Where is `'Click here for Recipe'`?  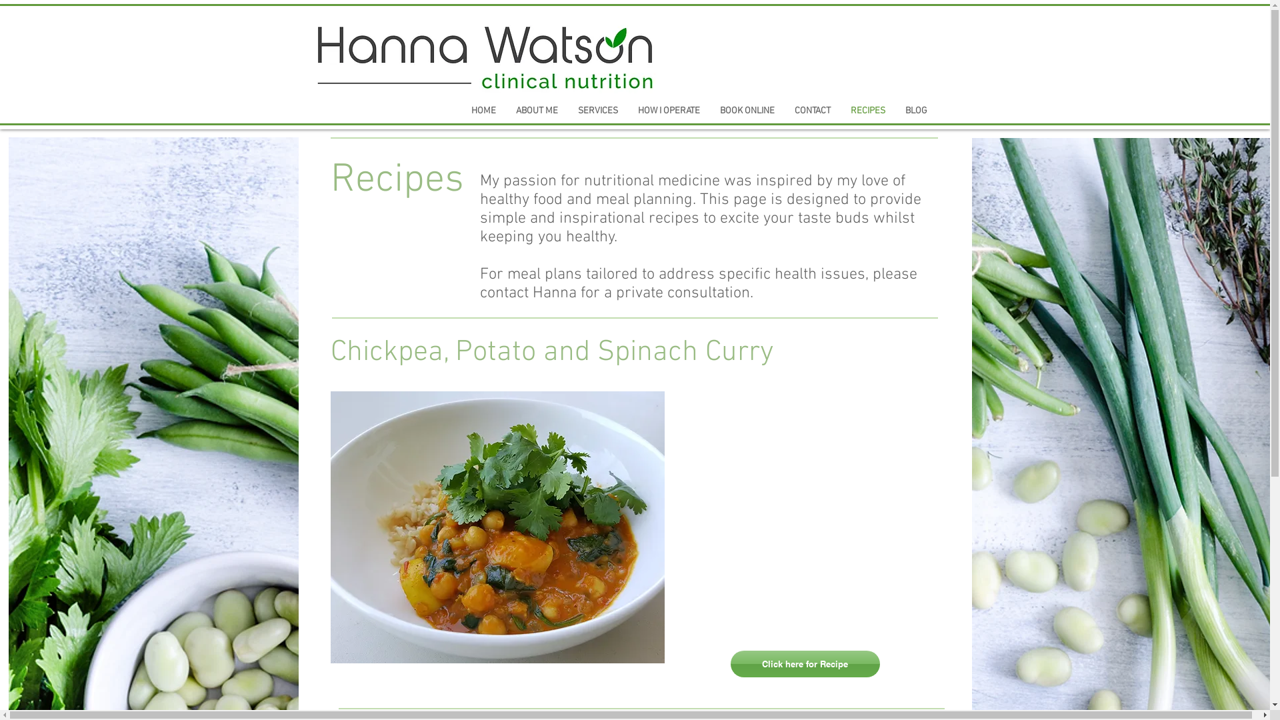
'Click here for Recipe' is located at coordinates (729, 663).